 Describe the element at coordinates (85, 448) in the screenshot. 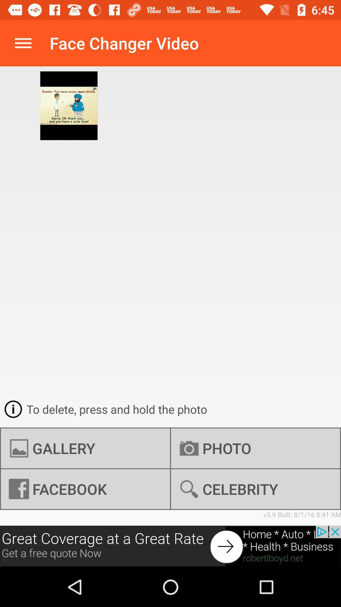

I see `the gallery icon` at that location.